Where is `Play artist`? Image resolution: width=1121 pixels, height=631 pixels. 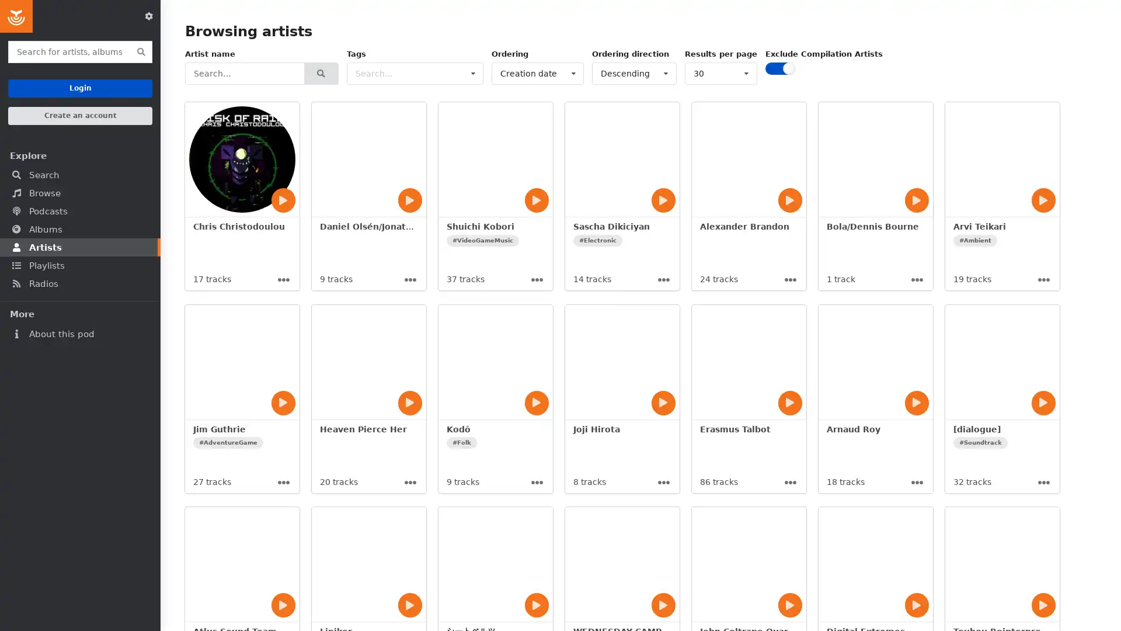 Play artist is located at coordinates (663, 200).